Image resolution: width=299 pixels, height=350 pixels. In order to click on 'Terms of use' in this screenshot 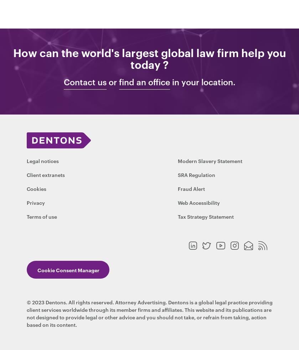, I will do `click(26, 216)`.